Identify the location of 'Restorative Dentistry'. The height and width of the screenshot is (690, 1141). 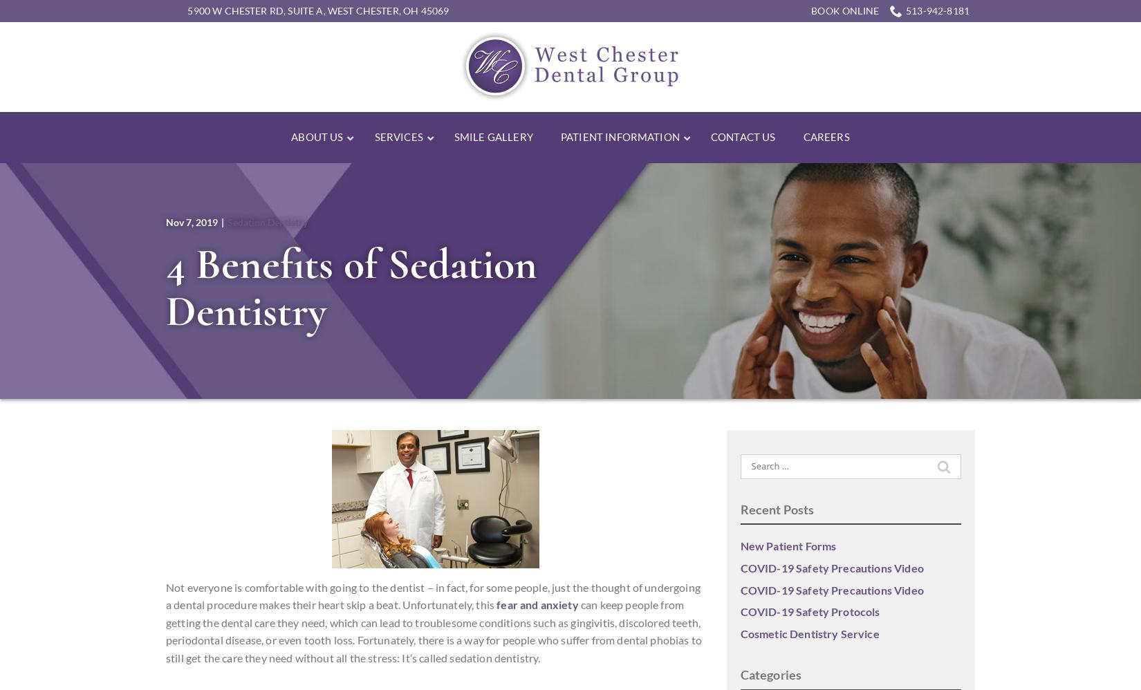
(680, 184).